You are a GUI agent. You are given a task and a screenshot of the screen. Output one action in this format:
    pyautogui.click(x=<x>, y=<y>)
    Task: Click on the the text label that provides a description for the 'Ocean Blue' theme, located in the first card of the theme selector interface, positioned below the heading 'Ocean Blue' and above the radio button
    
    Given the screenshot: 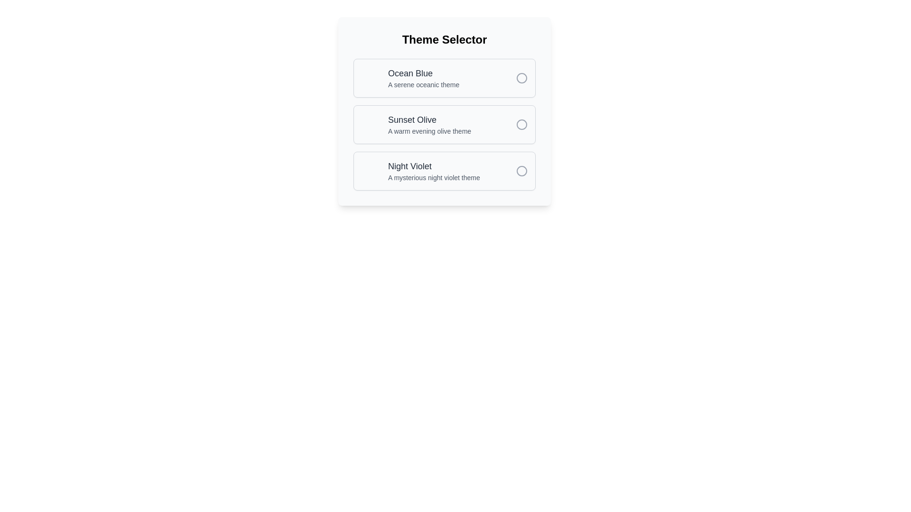 What is the action you would take?
    pyautogui.click(x=423, y=84)
    